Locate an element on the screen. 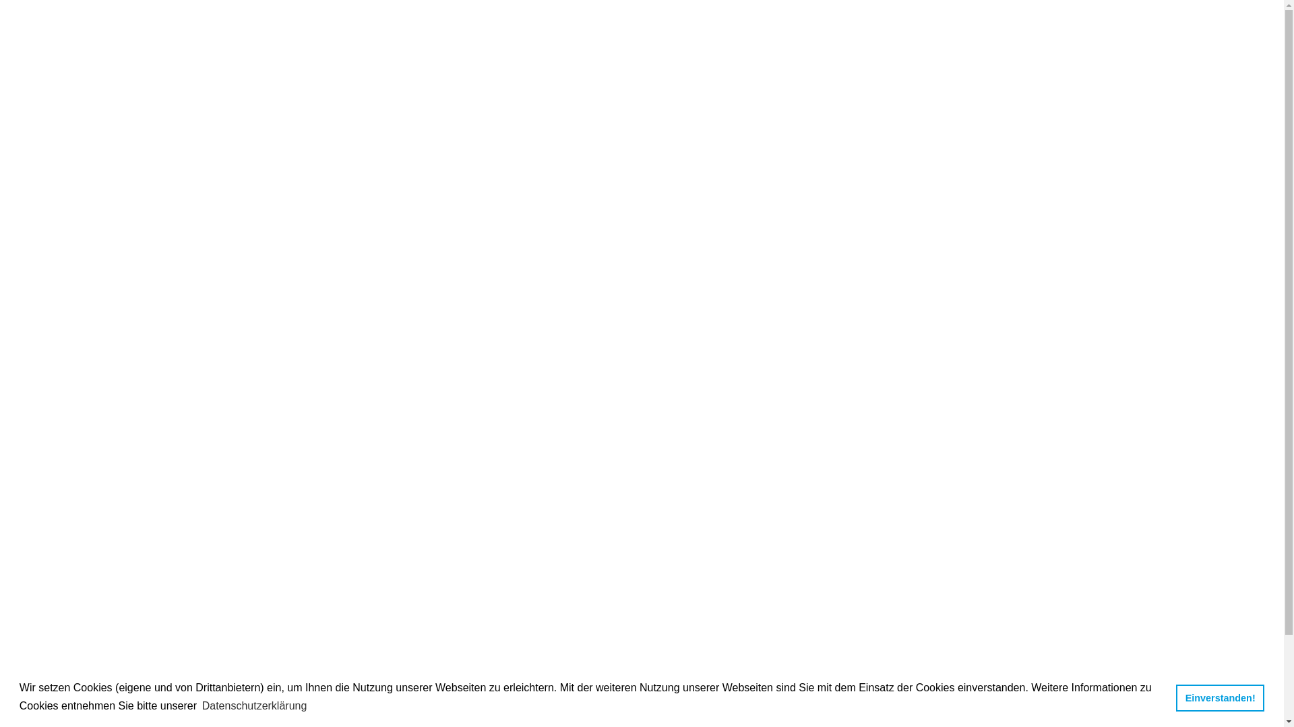 The image size is (1294, 727). 'Einverstanden!' is located at coordinates (1220, 697).